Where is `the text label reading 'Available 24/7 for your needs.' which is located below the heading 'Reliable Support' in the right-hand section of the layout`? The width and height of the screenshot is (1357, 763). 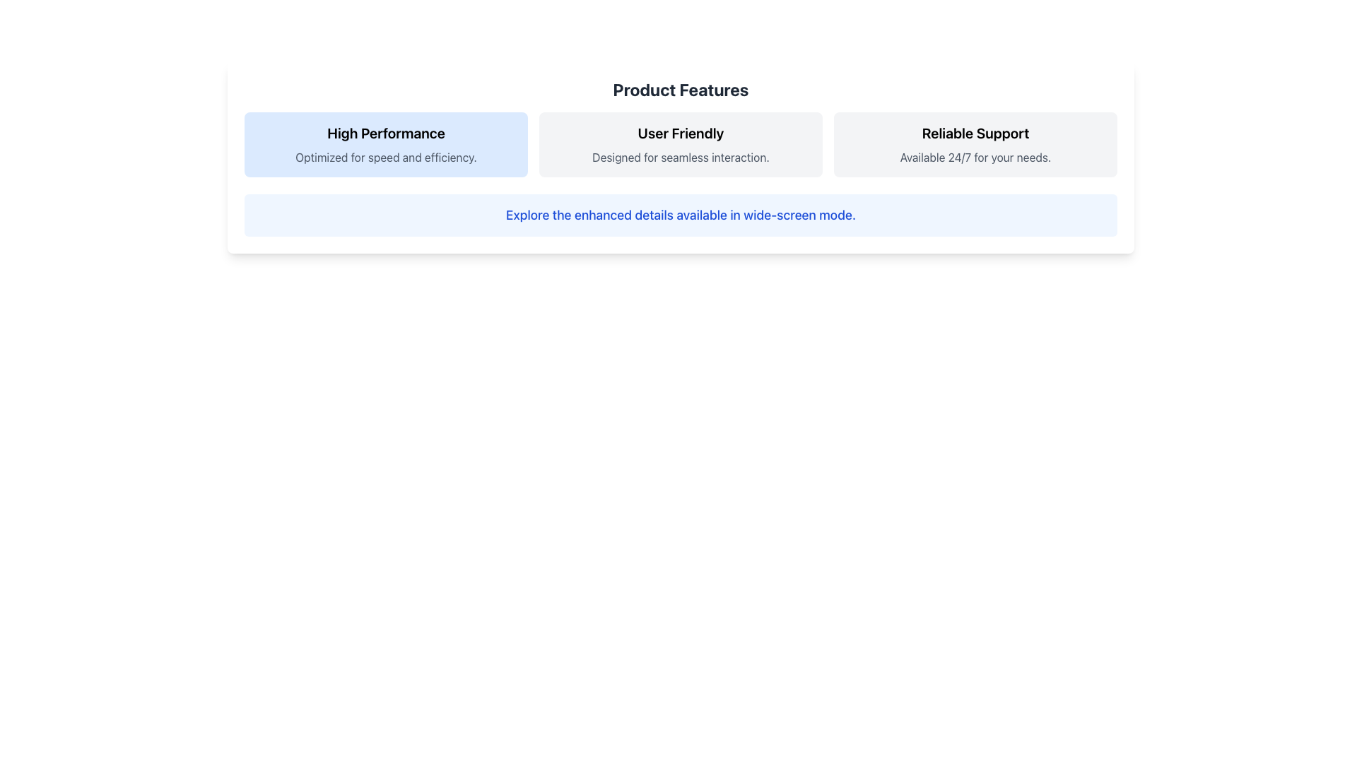
the text label reading 'Available 24/7 for your needs.' which is located below the heading 'Reliable Support' in the right-hand section of the layout is located at coordinates (975, 158).